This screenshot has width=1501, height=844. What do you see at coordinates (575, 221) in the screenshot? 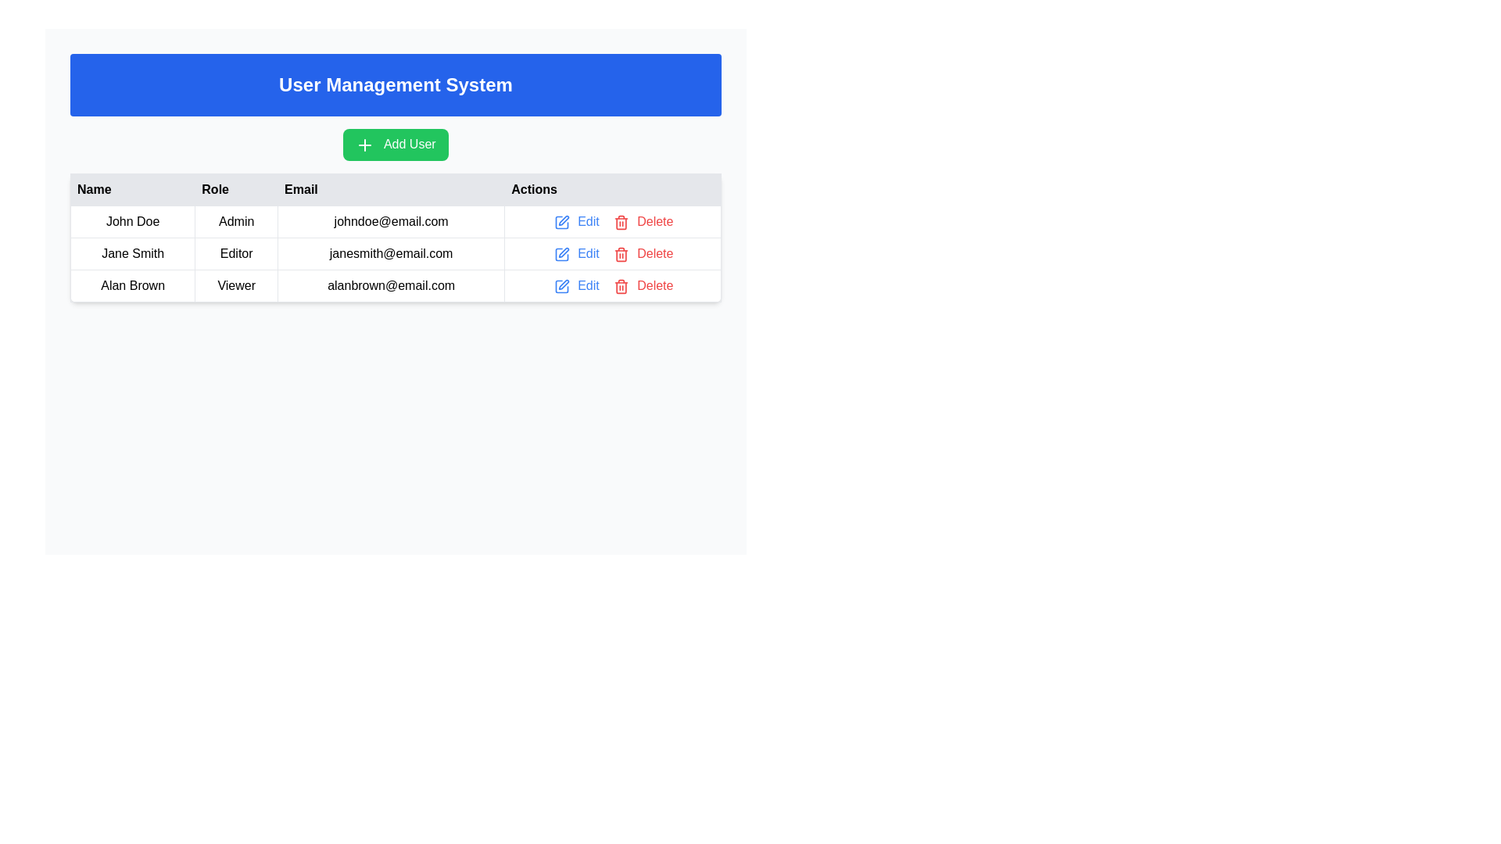
I see `the 'Edit' interactive link styled as a button in the Actions column of the first row, which corresponds to the data for 'John Doe'` at bounding box center [575, 221].